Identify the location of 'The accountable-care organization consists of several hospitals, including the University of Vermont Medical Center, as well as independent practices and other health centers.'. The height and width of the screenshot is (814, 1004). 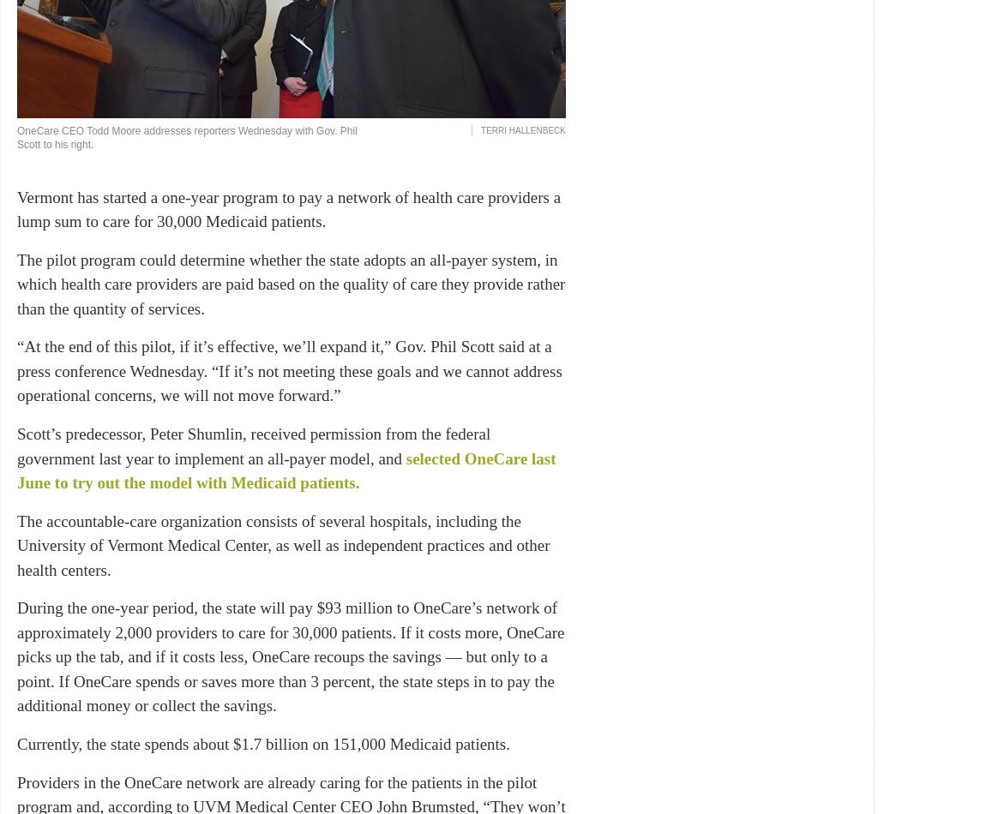
(283, 545).